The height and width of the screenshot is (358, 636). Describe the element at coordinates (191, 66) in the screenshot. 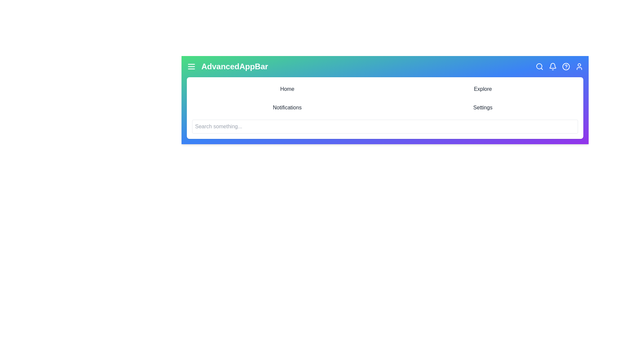

I see `the menu icon to toggle the menu visibility` at that location.